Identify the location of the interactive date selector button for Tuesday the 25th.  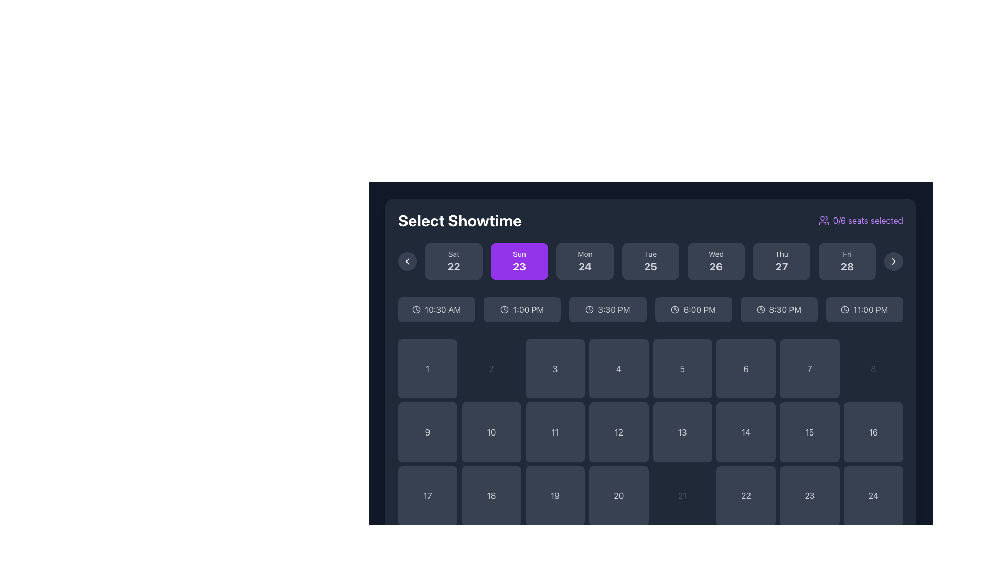
(650, 260).